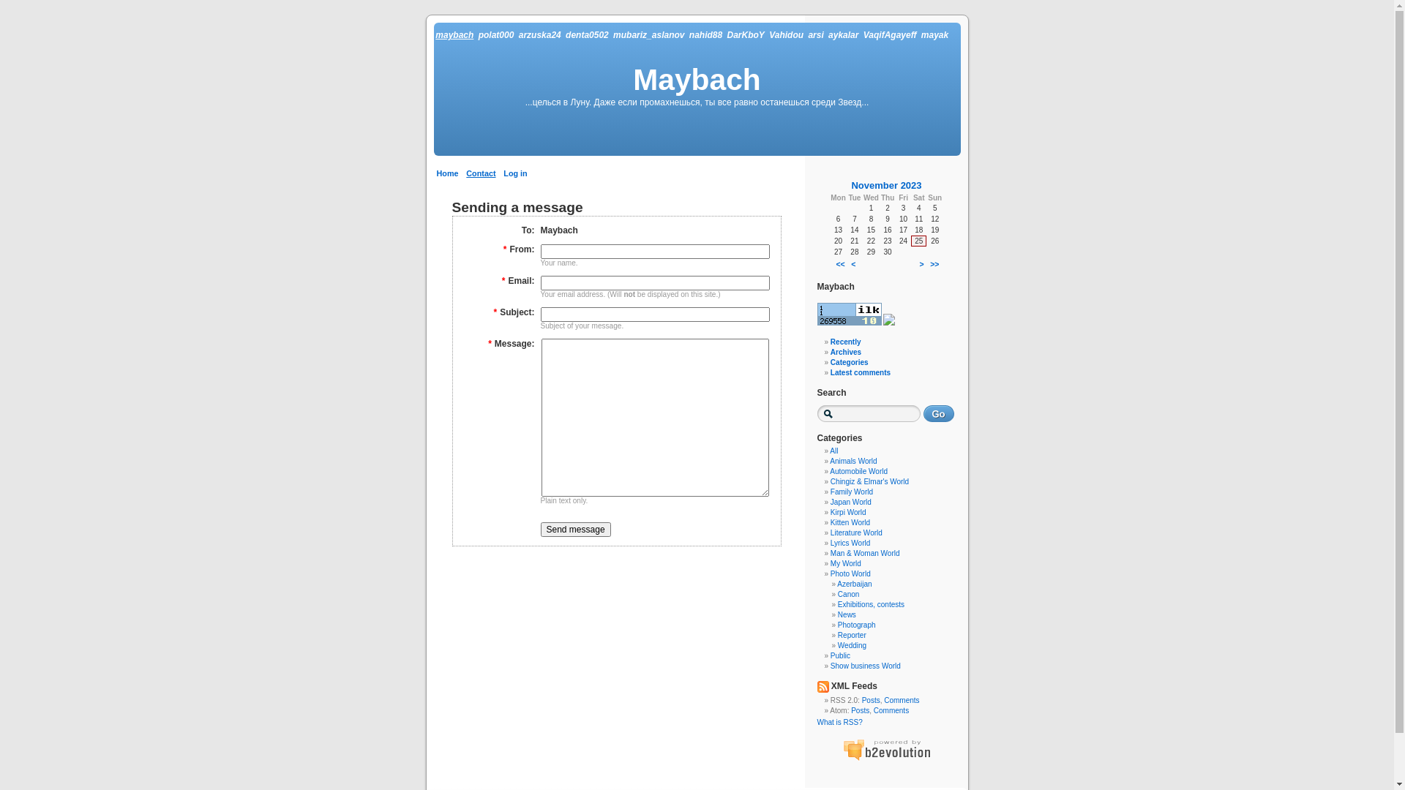  Describe the element at coordinates (871, 699) in the screenshot. I see `'Posts'` at that location.